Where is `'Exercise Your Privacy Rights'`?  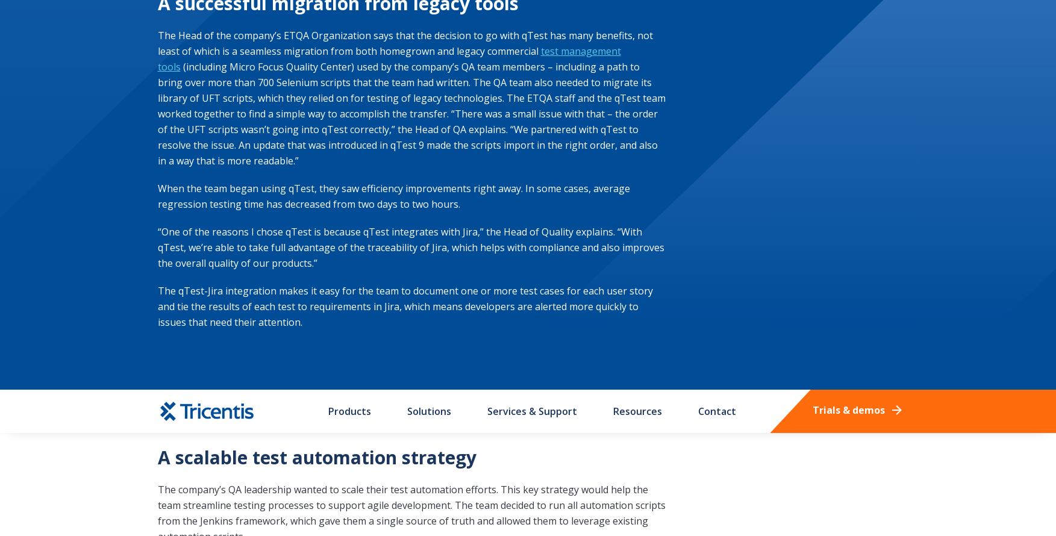 'Exercise Your Privacy Rights' is located at coordinates (511, 128).